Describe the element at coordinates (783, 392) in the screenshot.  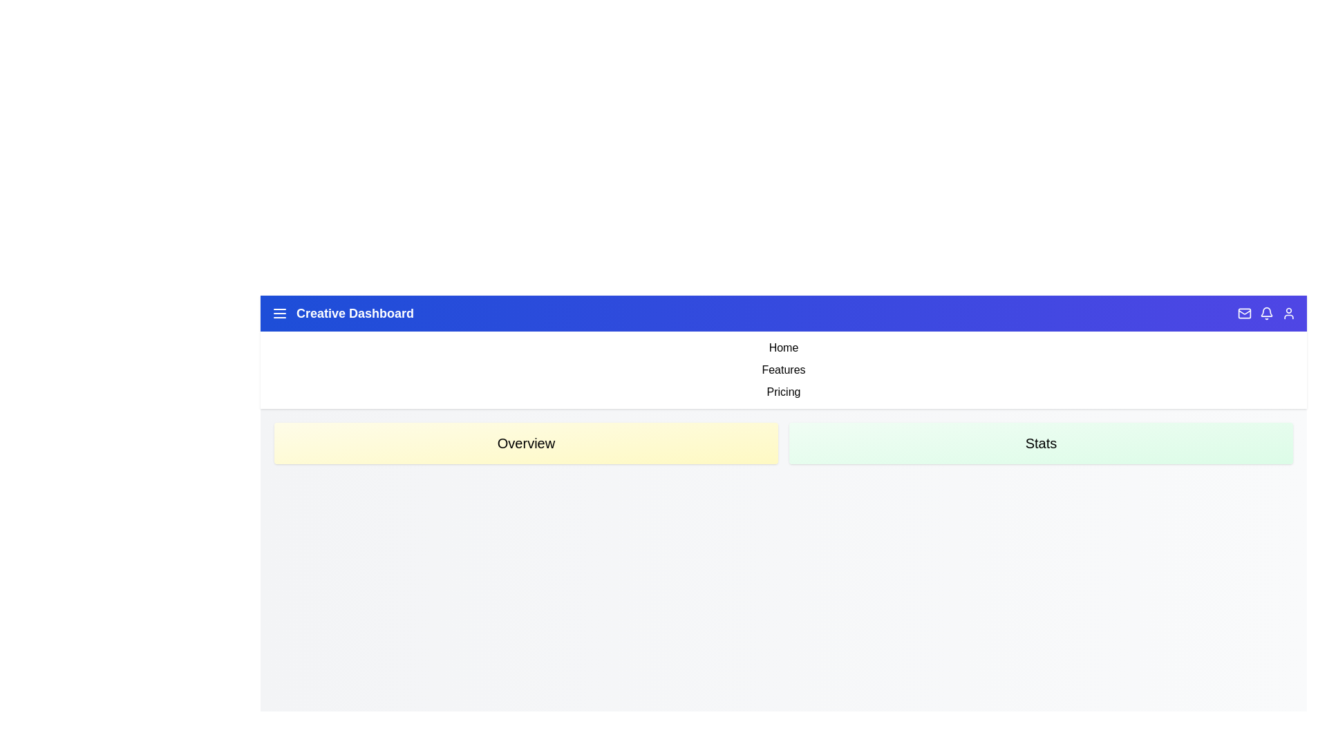
I see `the link corresponding to Pricing to navigate to the respective section` at that location.